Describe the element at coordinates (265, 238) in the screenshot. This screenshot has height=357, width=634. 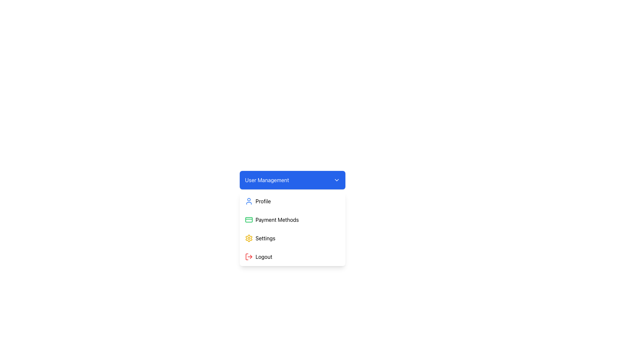
I see `the 'Settings' text label in the dropdown menu` at that location.